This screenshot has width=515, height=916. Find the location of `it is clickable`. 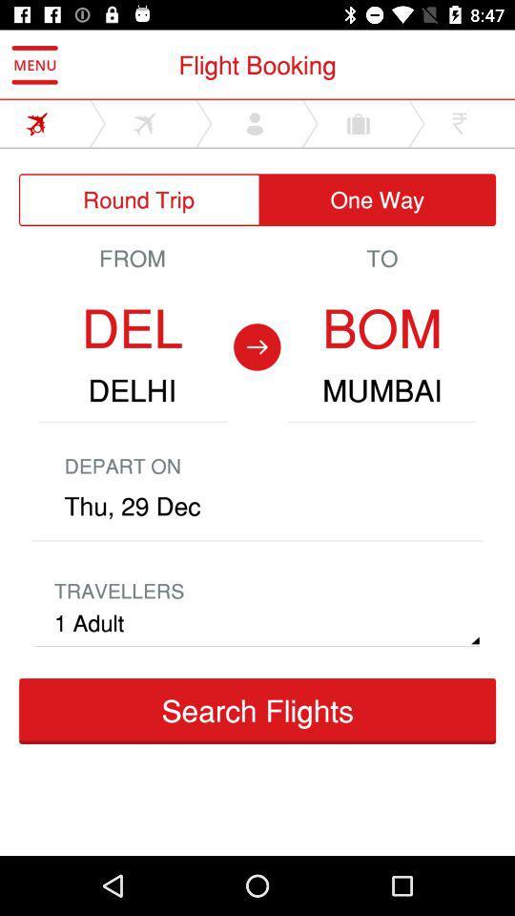

it is clickable is located at coordinates (150, 122).